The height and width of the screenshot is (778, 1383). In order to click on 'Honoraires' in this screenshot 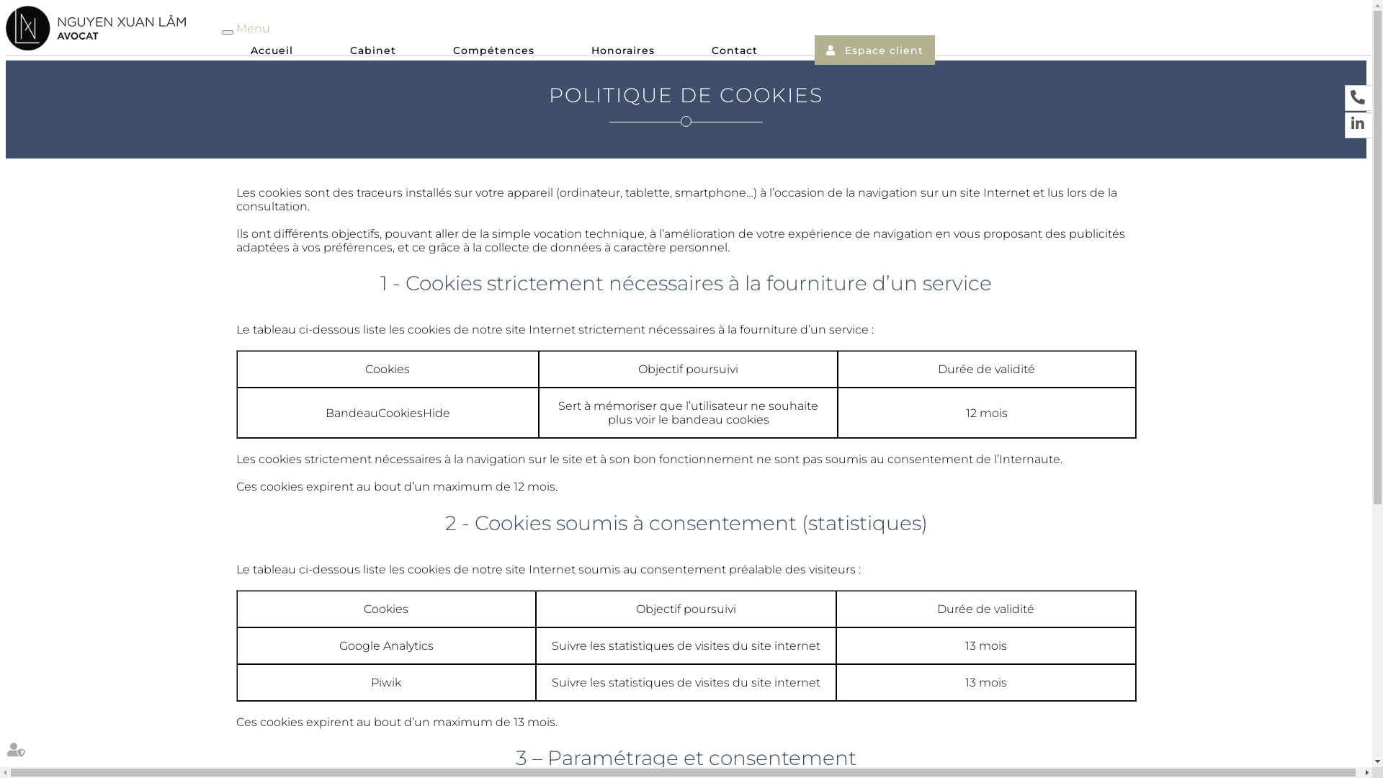, I will do `click(622, 52)`.